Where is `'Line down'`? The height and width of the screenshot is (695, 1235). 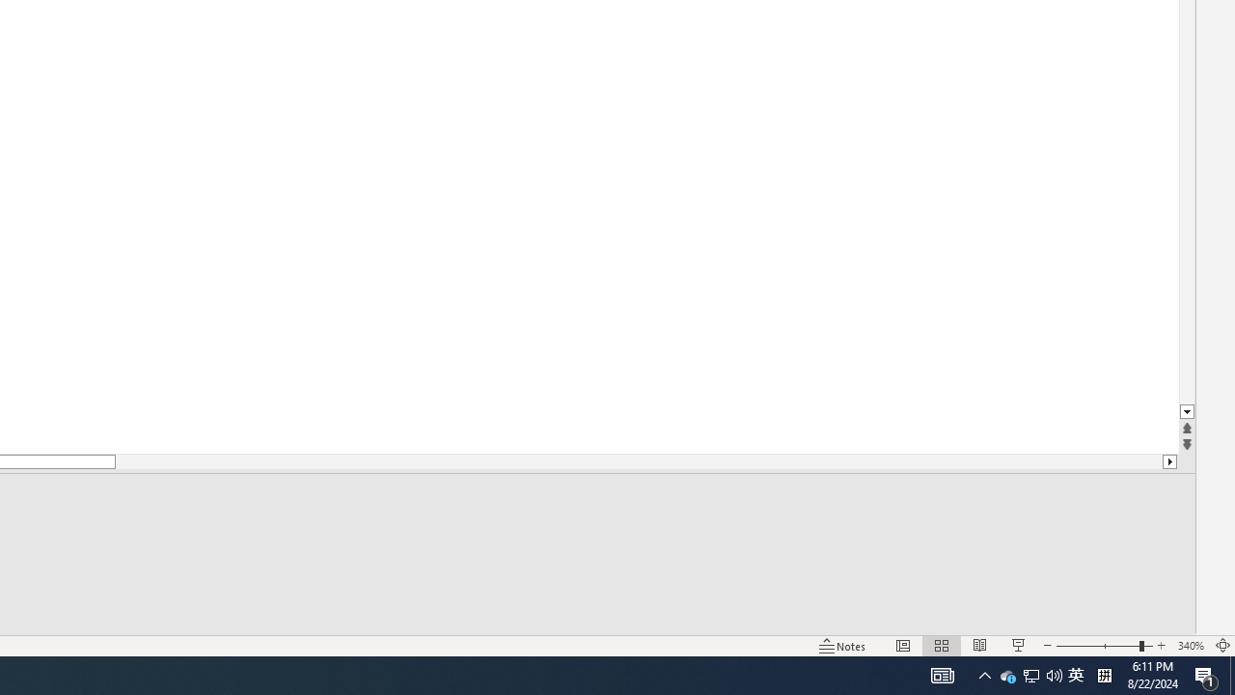
'Line down' is located at coordinates (1186, 411).